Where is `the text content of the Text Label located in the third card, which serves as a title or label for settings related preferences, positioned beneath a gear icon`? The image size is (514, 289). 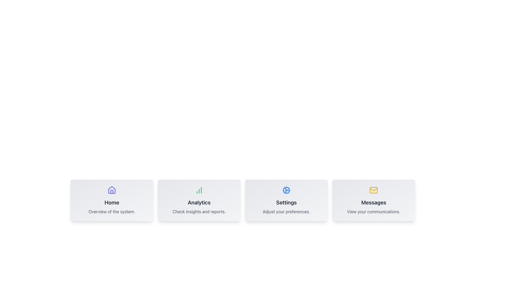 the text content of the Text Label located in the third card, which serves as a title or label for settings related preferences, positioned beneath a gear icon is located at coordinates (286, 202).